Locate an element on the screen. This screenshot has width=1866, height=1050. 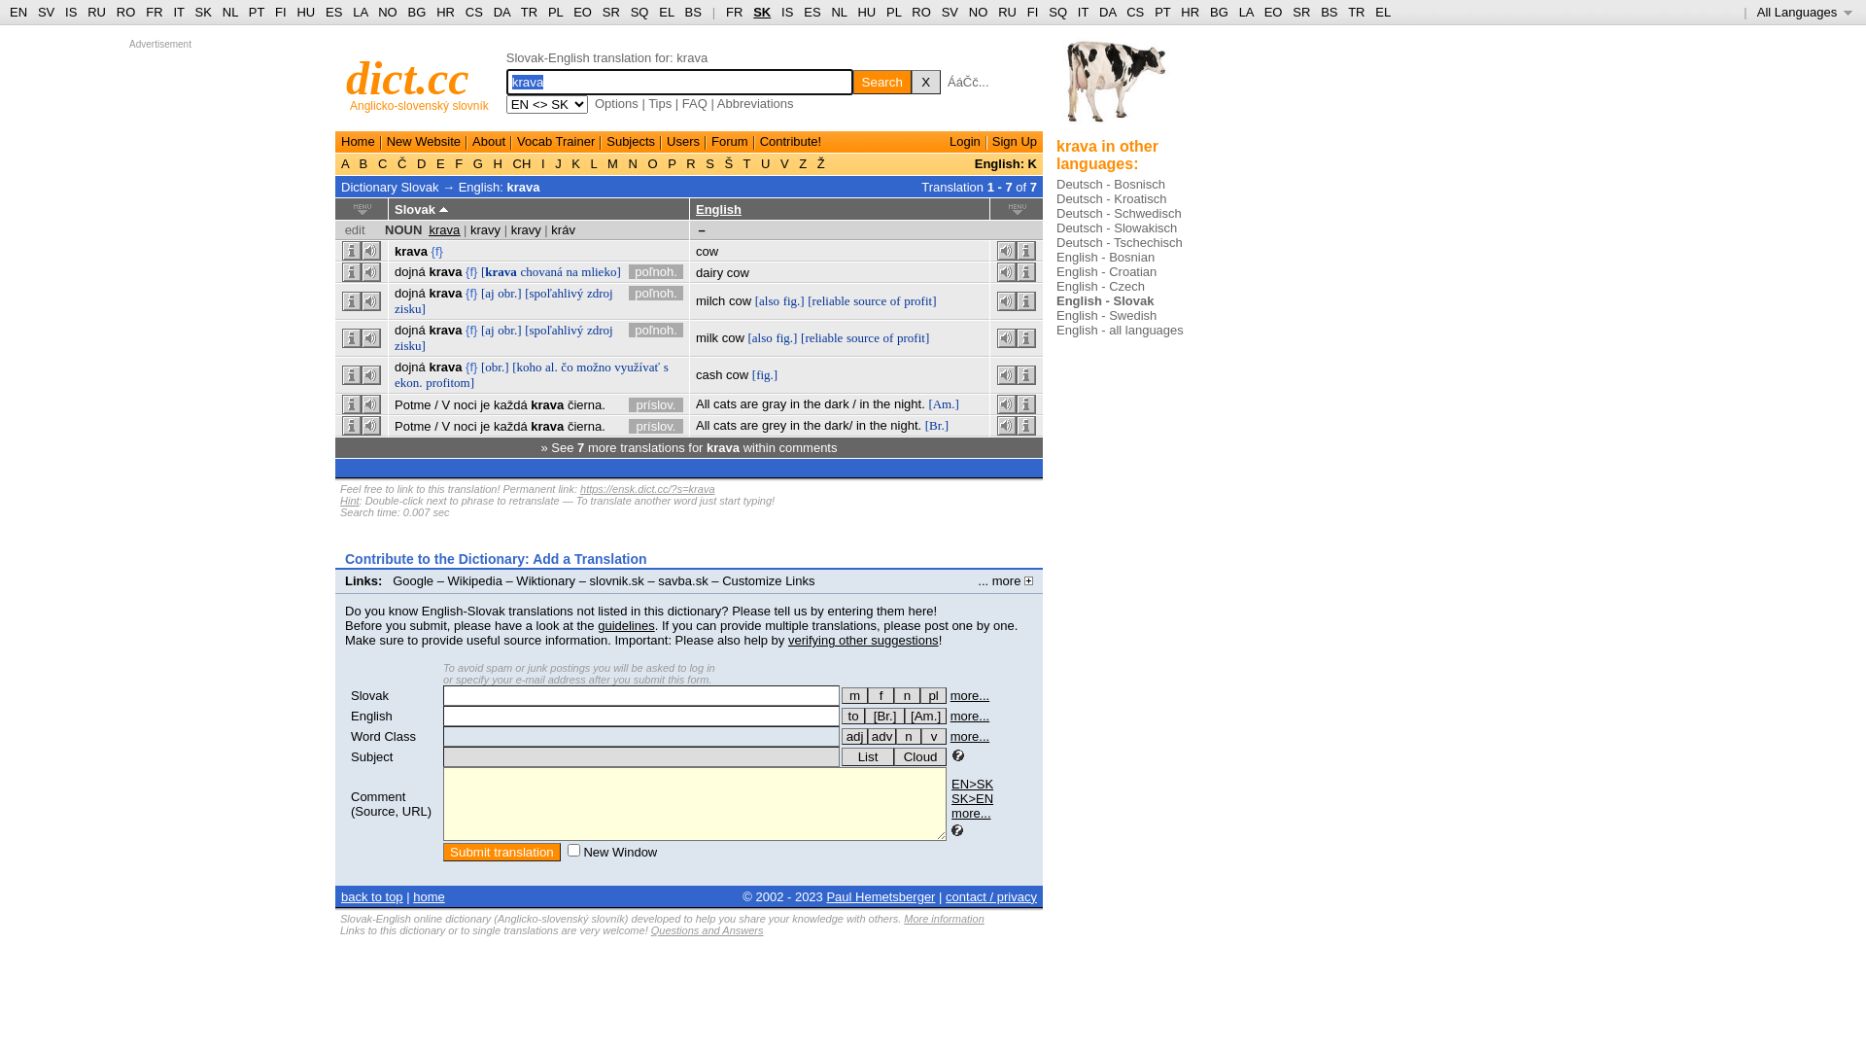
'Contribute!' is located at coordinates (791, 140).